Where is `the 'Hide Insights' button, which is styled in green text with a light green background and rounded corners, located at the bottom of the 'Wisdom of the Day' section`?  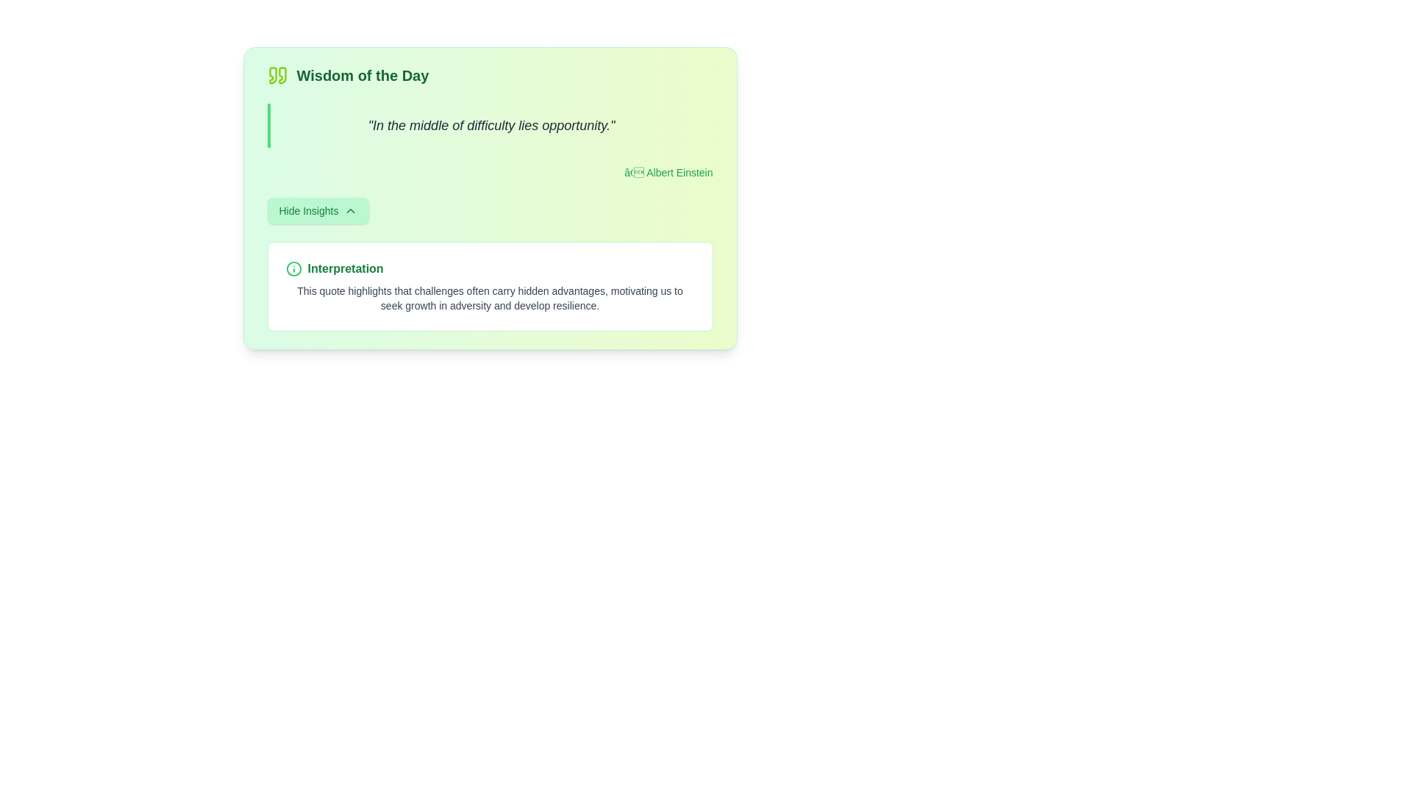
the 'Hide Insights' button, which is styled in green text with a light green background and rounded corners, located at the bottom of the 'Wisdom of the Day' section is located at coordinates (317, 210).